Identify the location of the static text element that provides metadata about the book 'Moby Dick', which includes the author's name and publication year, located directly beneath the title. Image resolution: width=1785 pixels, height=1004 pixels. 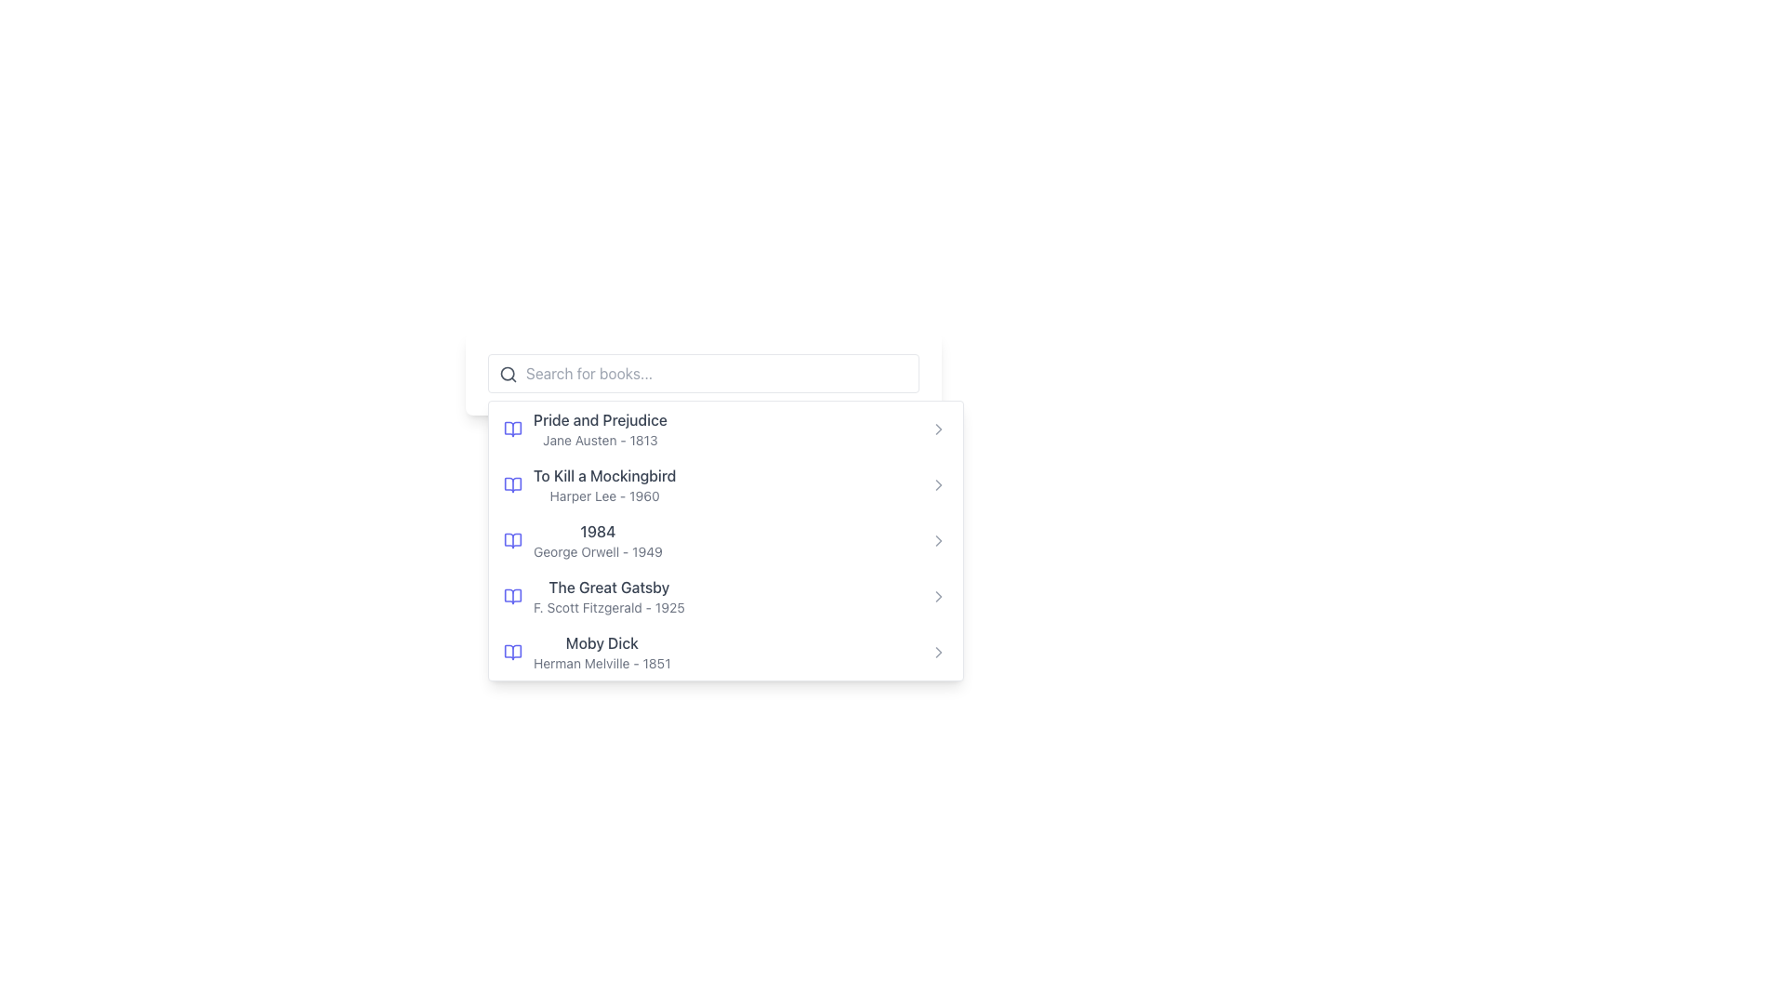
(602, 662).